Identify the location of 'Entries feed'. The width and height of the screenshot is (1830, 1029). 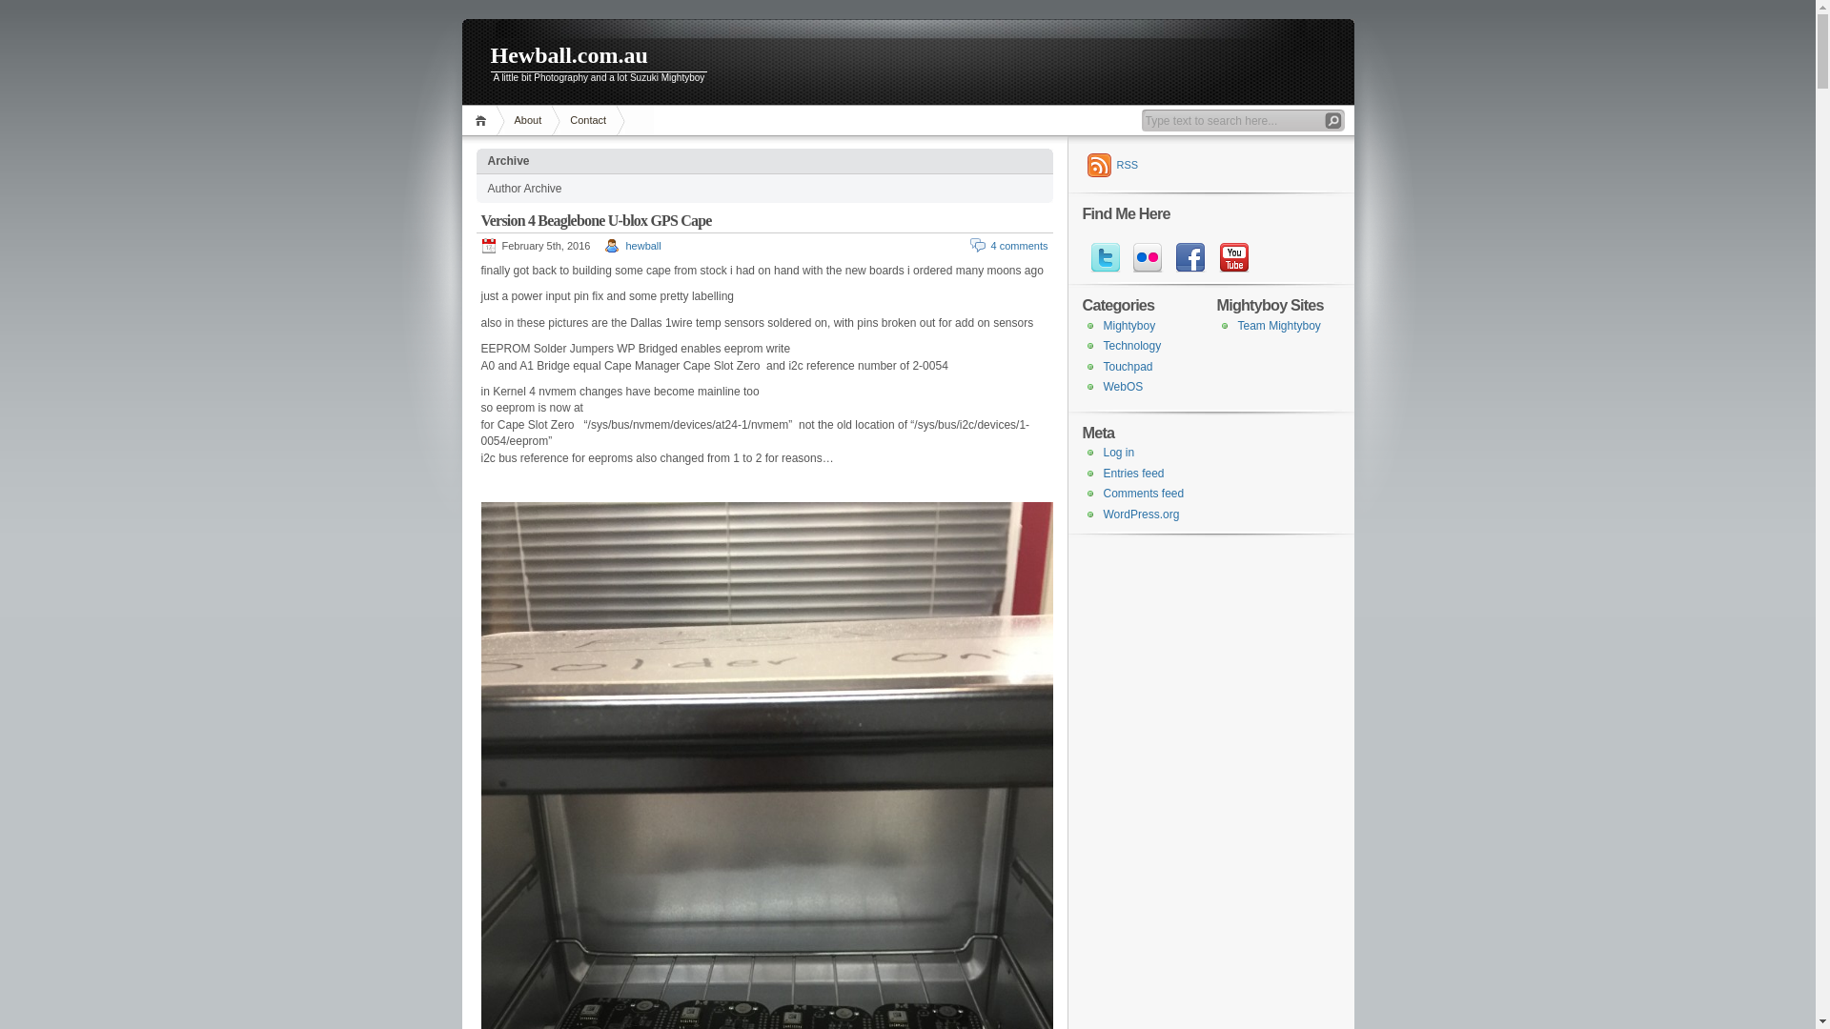
(1134, 473).